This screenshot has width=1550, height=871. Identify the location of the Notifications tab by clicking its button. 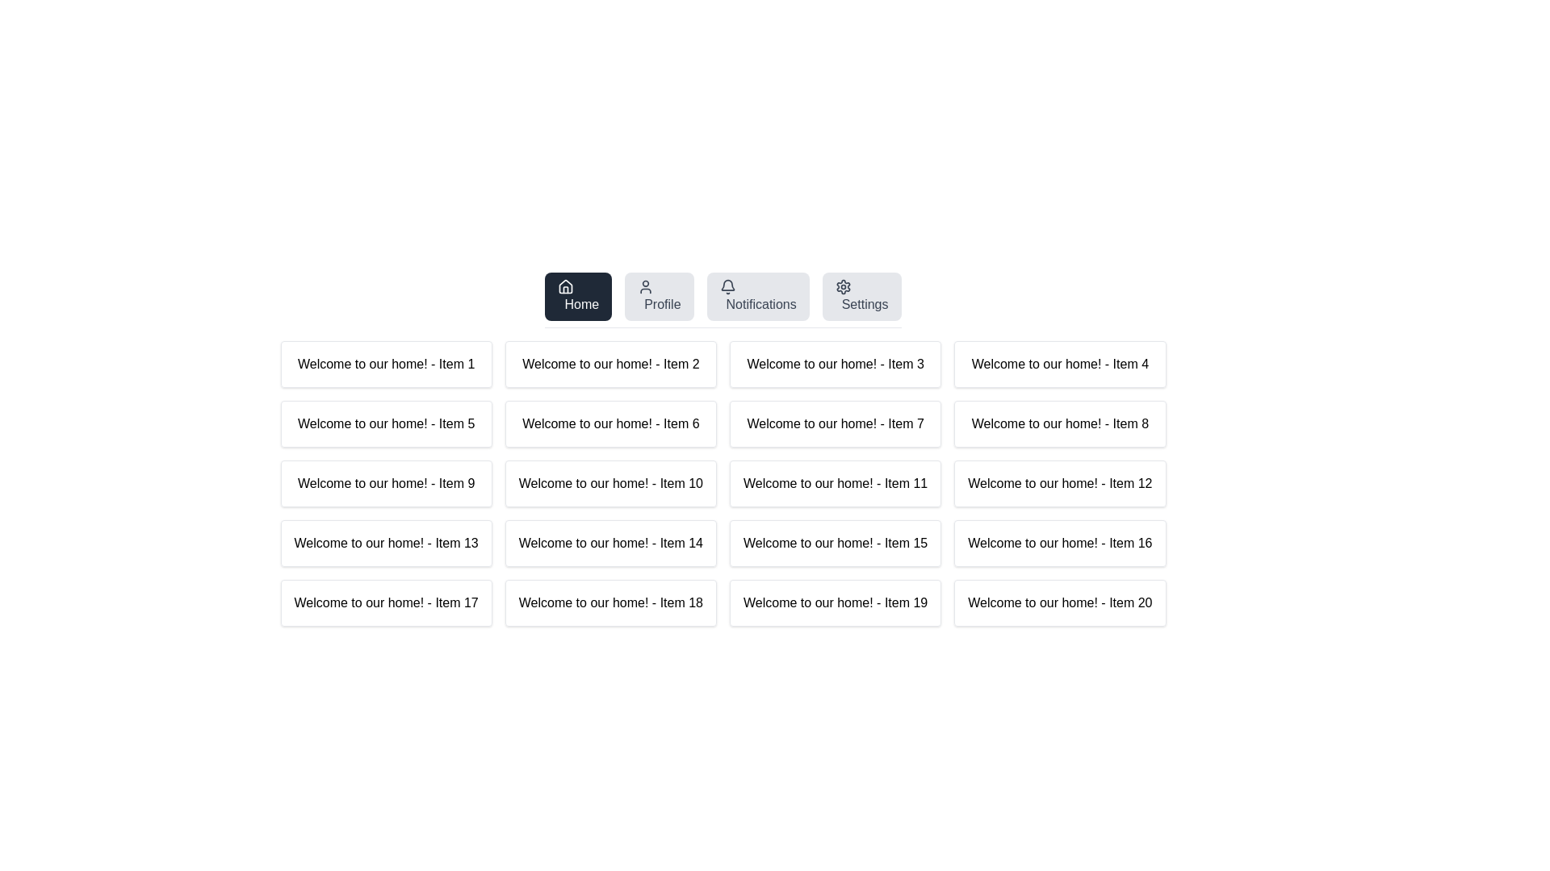
(757, 296).